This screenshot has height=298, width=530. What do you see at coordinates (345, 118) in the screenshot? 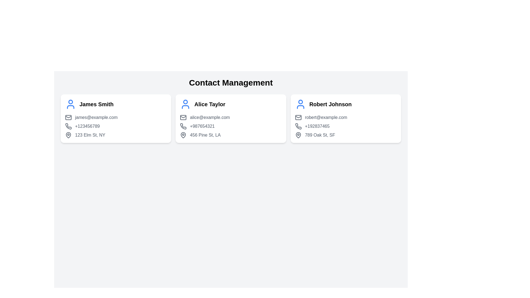
I see `contact information details displayed on the Information card for 'Robert Johnson', located in the third column of the Contact Management section` at bounding box center [345, 118].